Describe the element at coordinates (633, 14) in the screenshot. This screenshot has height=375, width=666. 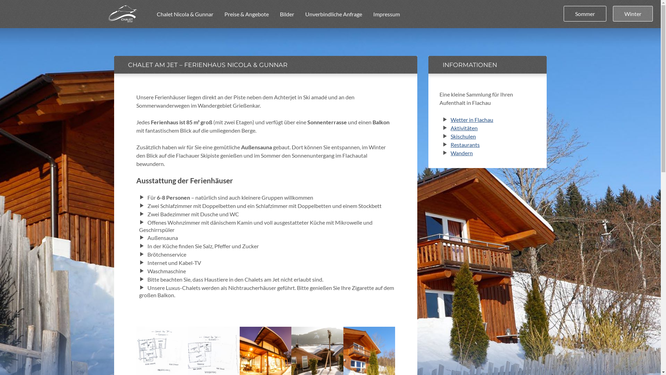
I see `'Winter'` at that location.